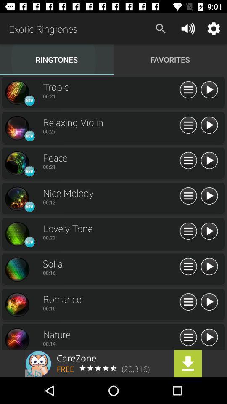 This screenshot has width=227, height=404. Describe the element at coordinates (188, 196) in the screenshot. I see `see more options` at that location.